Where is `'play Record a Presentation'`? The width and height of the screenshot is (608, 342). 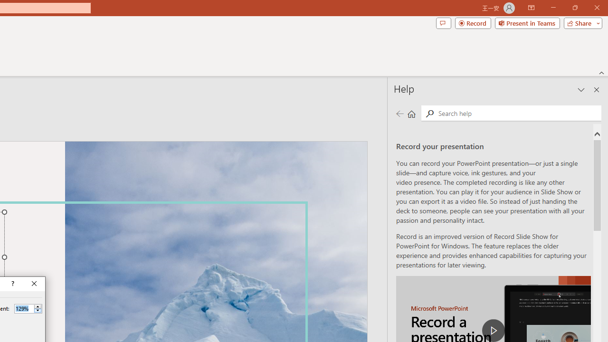
'play Record a Presentation' is located at coordinates (493, 330).